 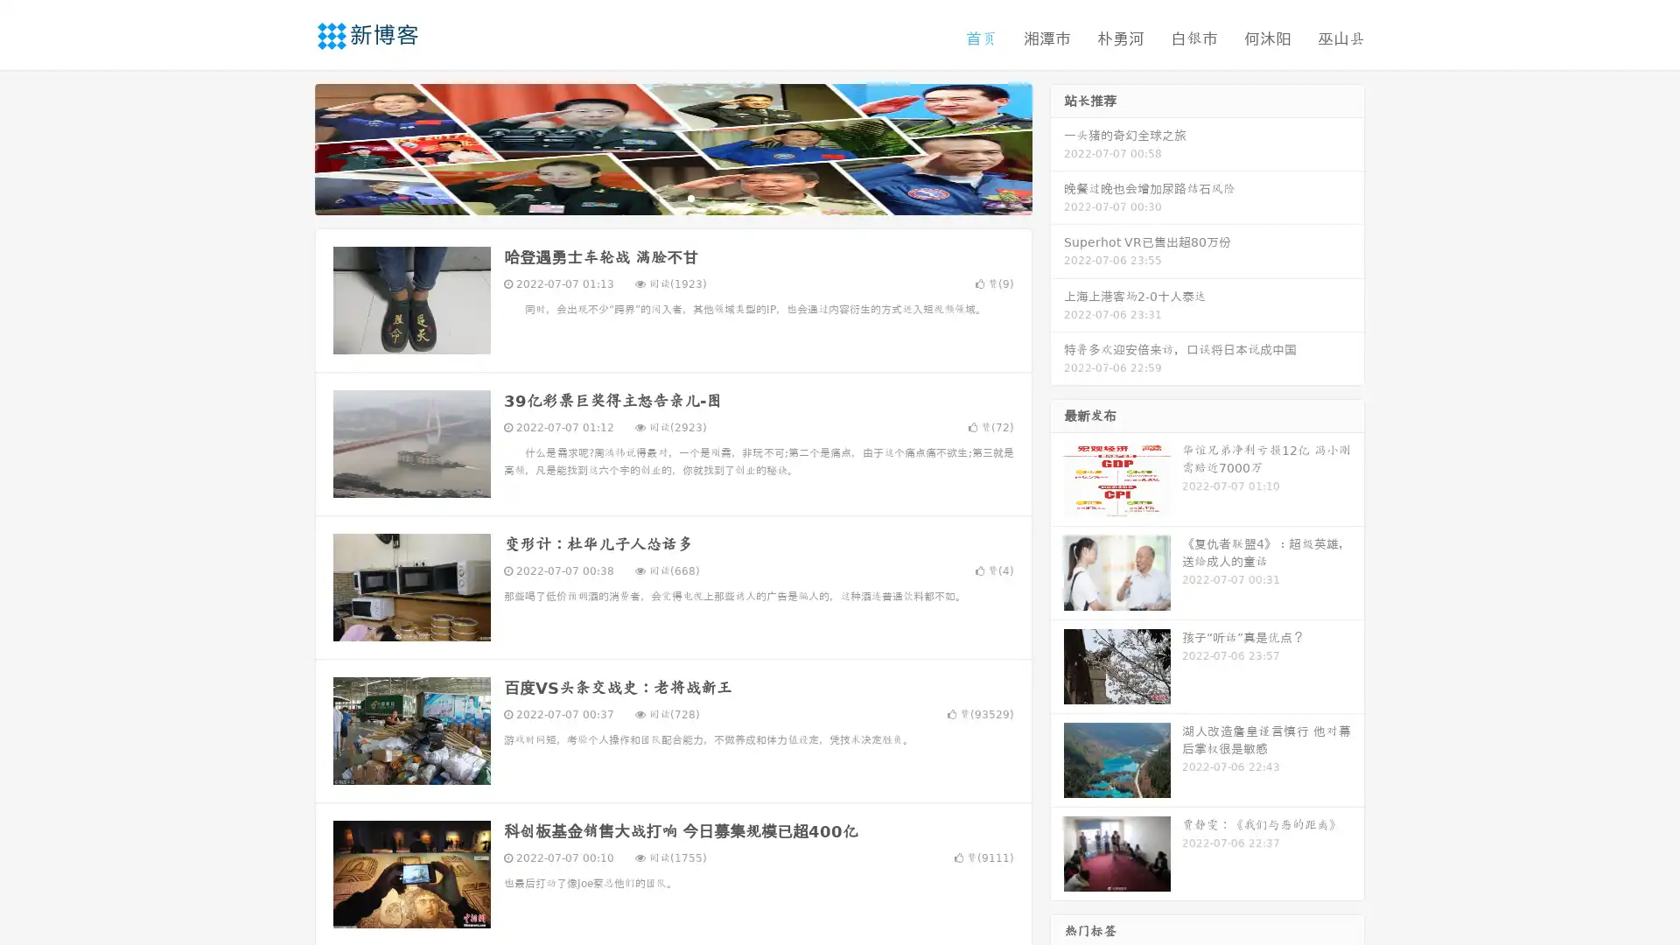 I want to click on Go to slide 3, so click(x=690, y=197).